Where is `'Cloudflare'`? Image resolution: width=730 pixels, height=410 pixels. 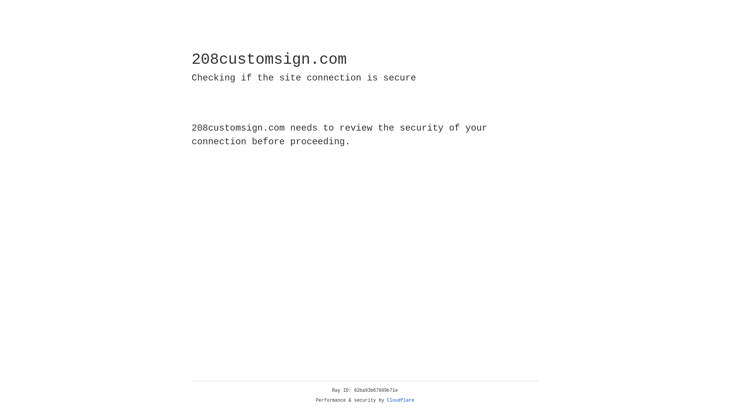
'Cloudflare' is located at coordinates (400, 400).